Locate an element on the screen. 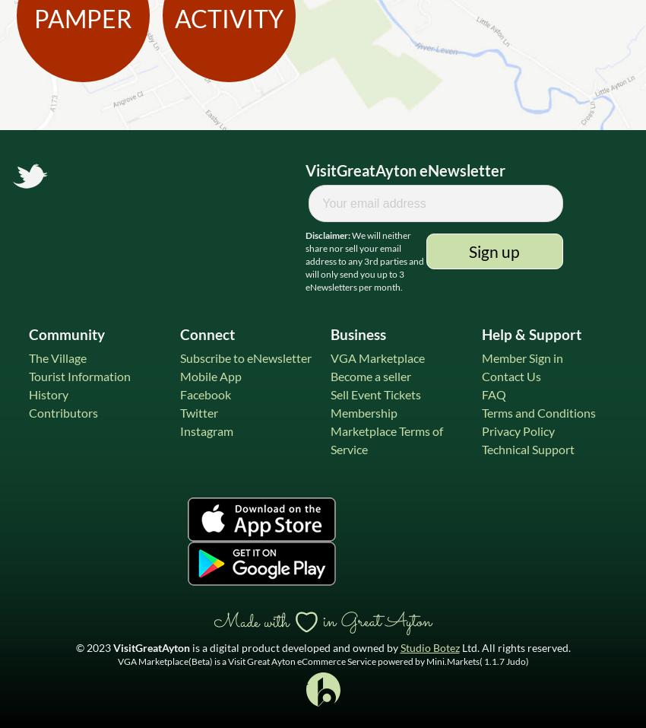 Image resolution: width=646 pixels, height=728 pixels. 'Tourist Information' is located at coordinates (78, 376).